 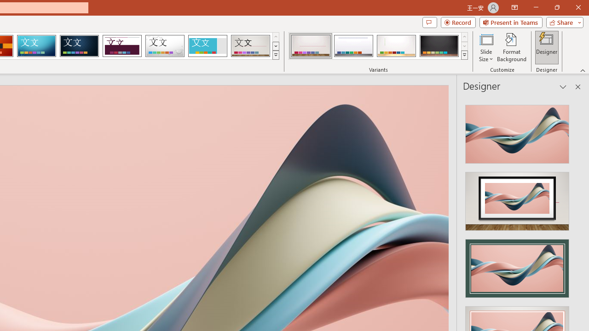 I want to click on 'Gallery', so click(x=250, y=46).